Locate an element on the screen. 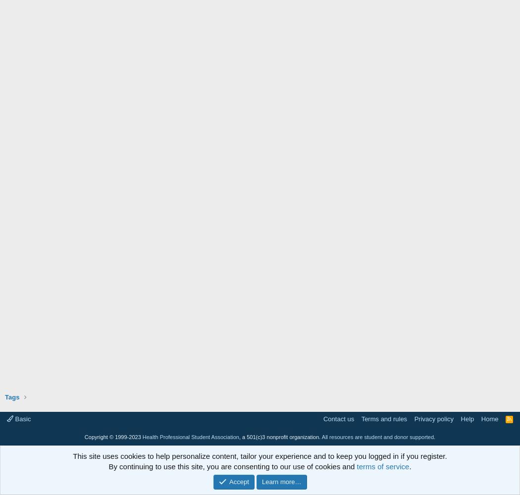 This screenshot has width=520, height=495. 'Copyright © 1999-2023' is located at coordinates (84, 437).